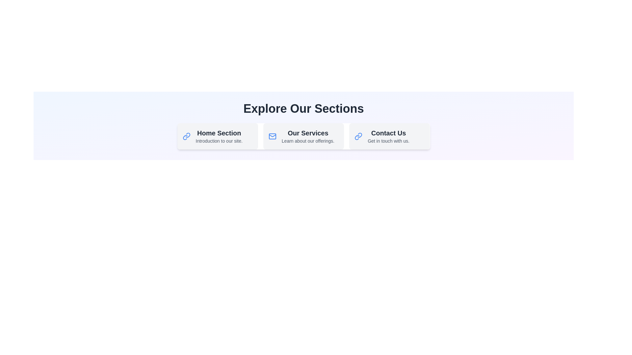 The width and height of the screenshot is (632, 355). Describe the element at coordinates (389, 136) in the screenshot. I see `the 'Contact Us' informational panel located in the right section of the horizontal layout` at that location.